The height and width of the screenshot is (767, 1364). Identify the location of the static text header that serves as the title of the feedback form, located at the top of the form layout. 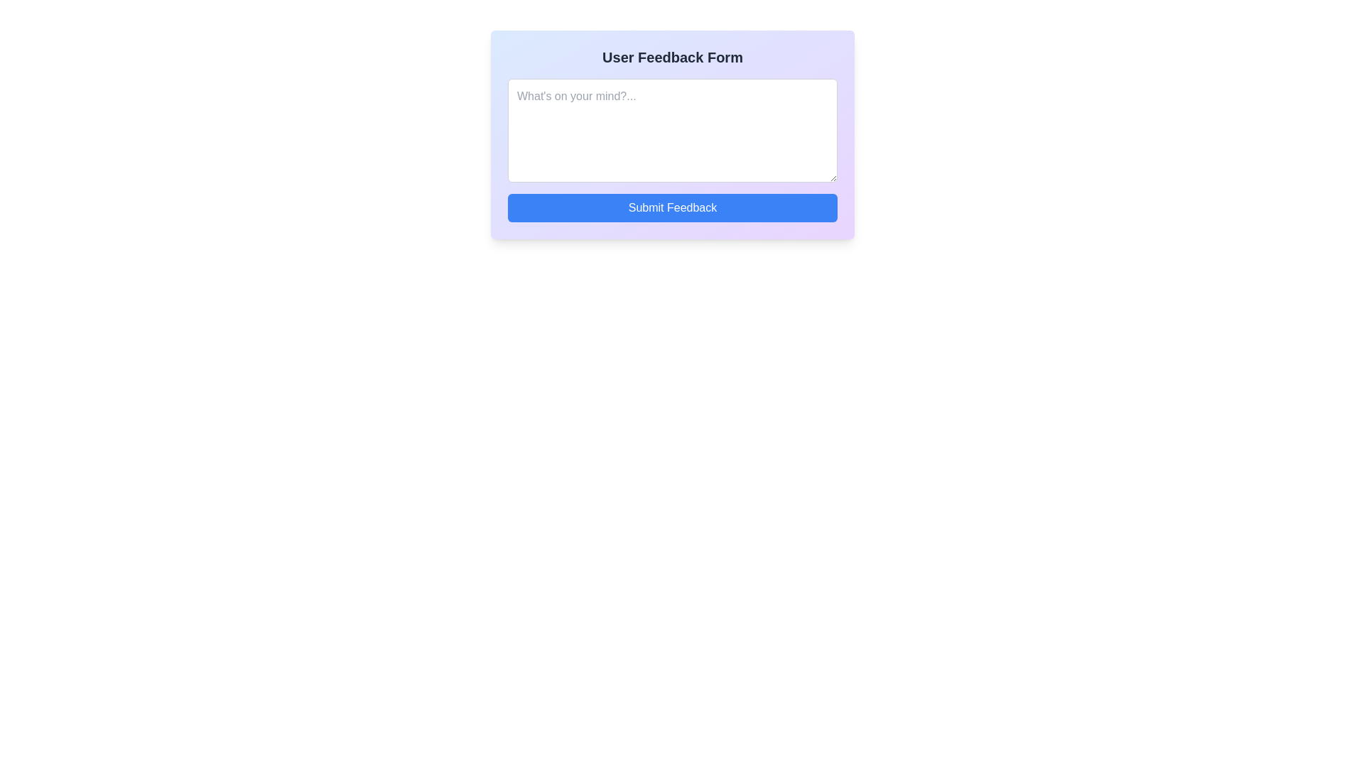
(671, 57).